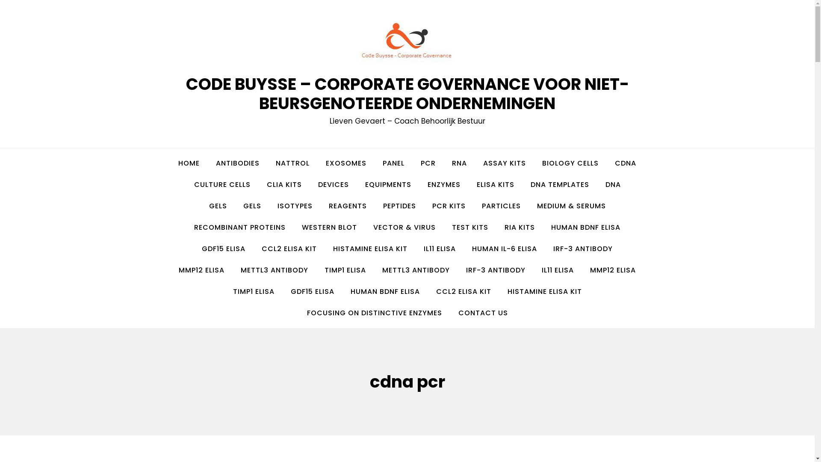  What do you see at coordinates (440, 249) in the screenshot?
I see `'IL11 ELISA'` at bounding box center [440, 249].